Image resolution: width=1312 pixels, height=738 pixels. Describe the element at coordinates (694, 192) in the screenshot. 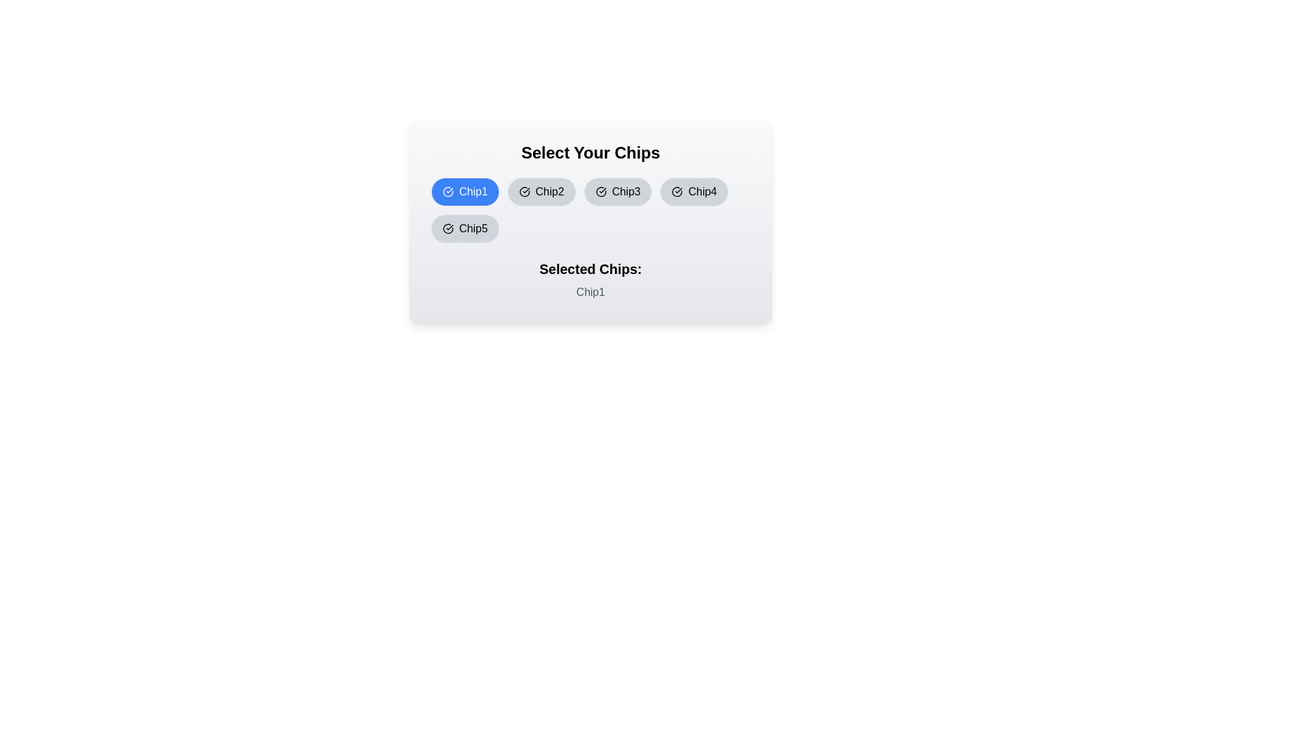

I see `the chip labeled Chip4 by clicking on it` at that location.